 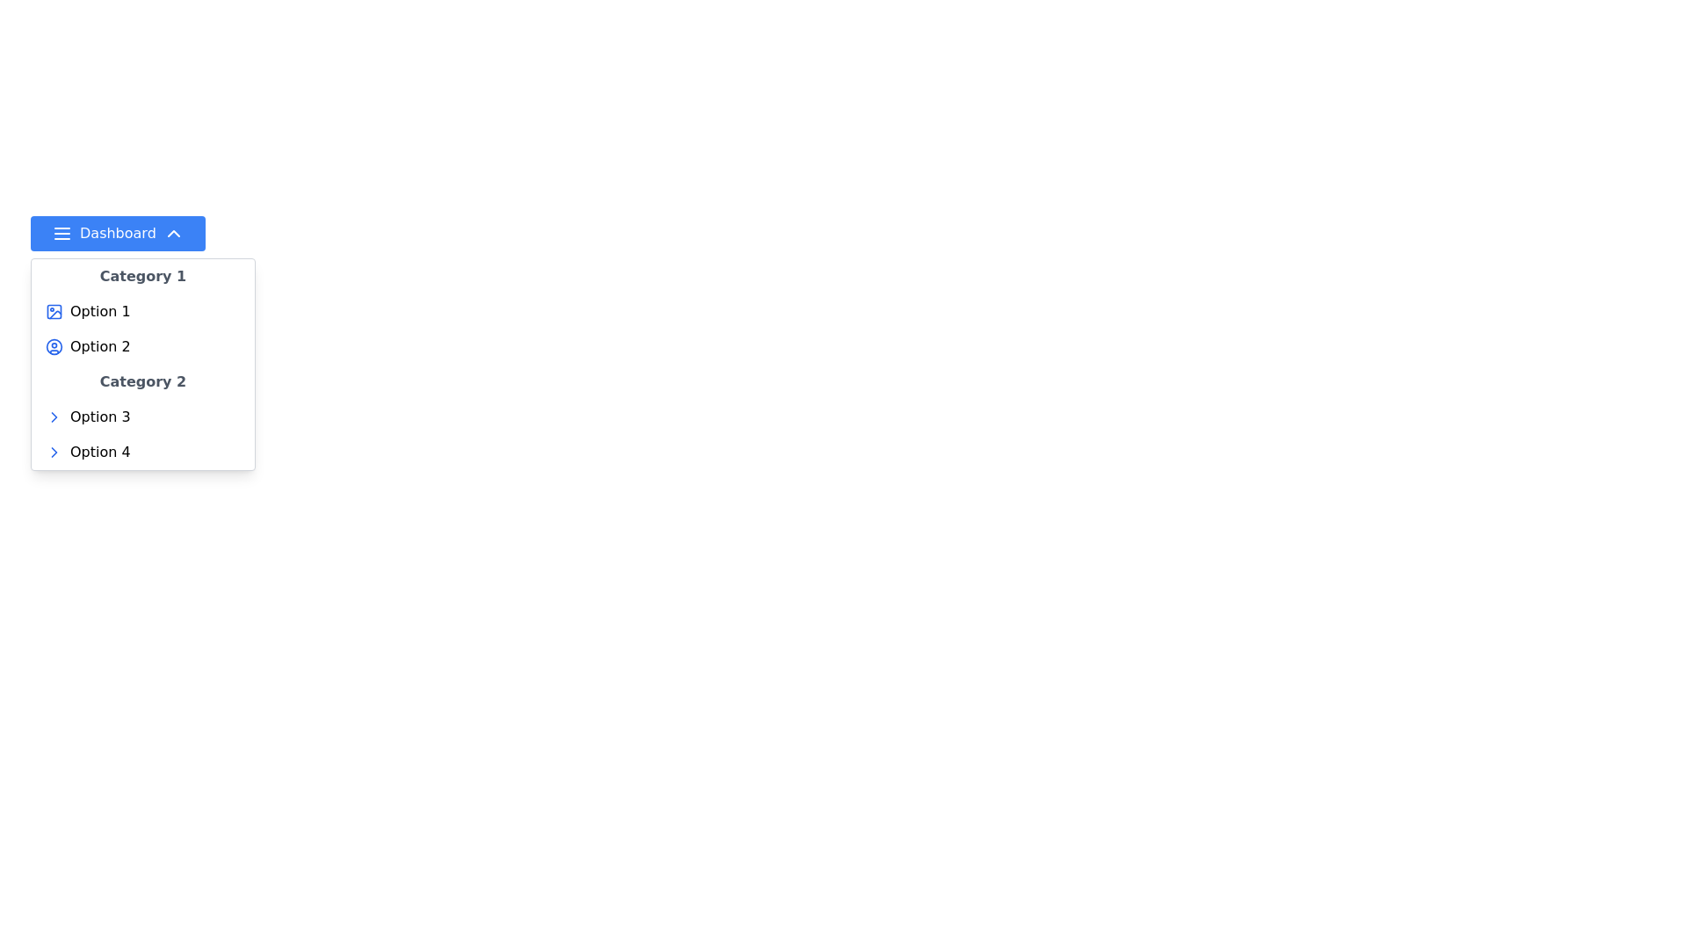 What do you see at coordinates (54, 346) in the screenshot?
I see `the outermost blue circular outline of the user avatar icon, which is part of a 24x24 SVG profile representation` at bounding box center [54, 346].